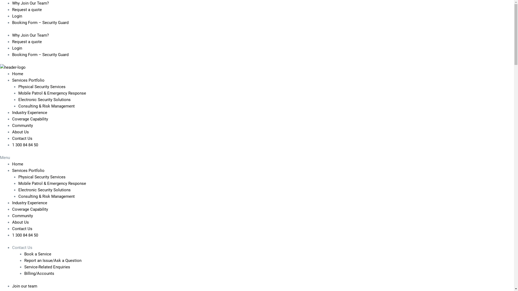 The width and height of the screenshot is (518, 291). I want to click on 'Request a quote', so click(27, 41).